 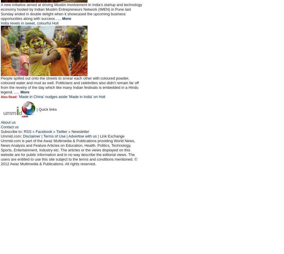 What do you see at coordinates (43, 131) in the screenshot?
I see `'Facebook'` at bounding box center [43, 131].